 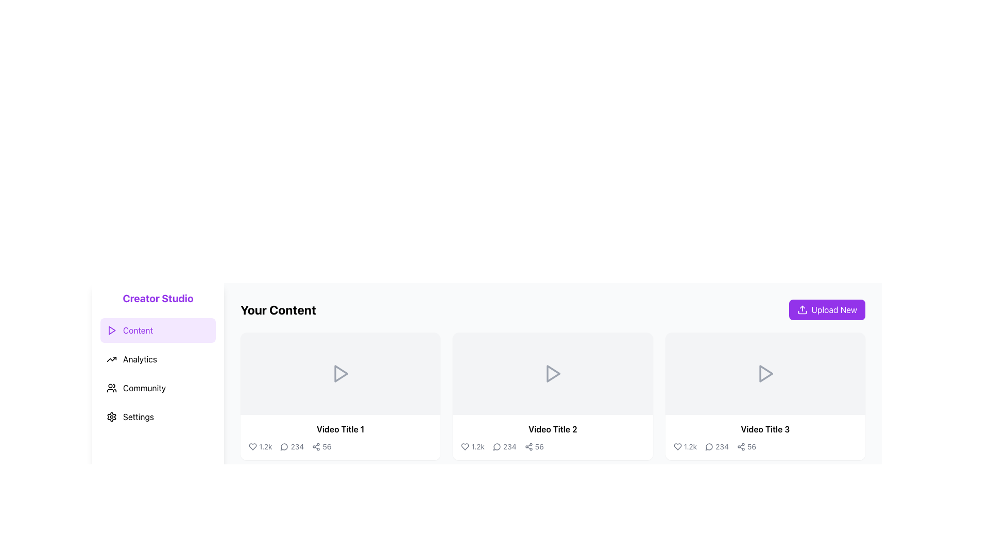 I want to click on the 'Analytics' icon located in the left sidebar menu, positioned to the left of the 'Analytics' text, so click(x=111, y=359).